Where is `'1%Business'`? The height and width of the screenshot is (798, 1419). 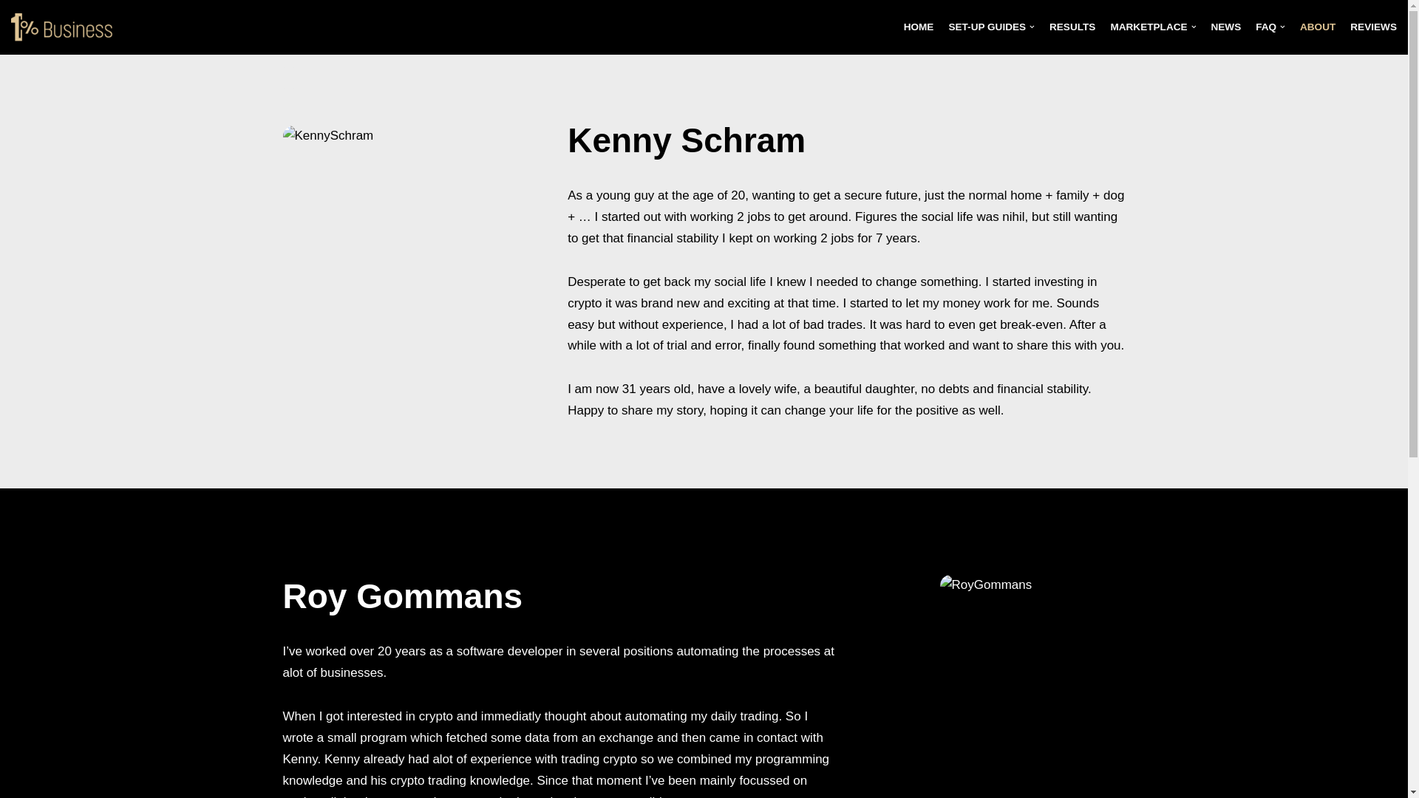
'1%Business' is located at coordinates (66, 27).